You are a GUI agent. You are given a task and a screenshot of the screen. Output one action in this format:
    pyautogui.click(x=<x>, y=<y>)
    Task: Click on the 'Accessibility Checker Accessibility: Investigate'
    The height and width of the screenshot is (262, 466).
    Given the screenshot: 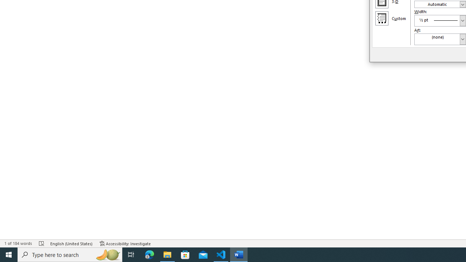 What is the action you would take?
    pyautogui.click(x=125, y=243)
    